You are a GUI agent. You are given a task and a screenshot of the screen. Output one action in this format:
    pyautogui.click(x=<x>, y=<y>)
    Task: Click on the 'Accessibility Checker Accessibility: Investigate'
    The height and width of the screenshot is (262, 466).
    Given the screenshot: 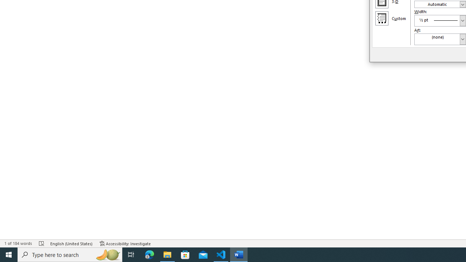 What is the action you would take?
    pyautogui.click(x=125, y=243)
    